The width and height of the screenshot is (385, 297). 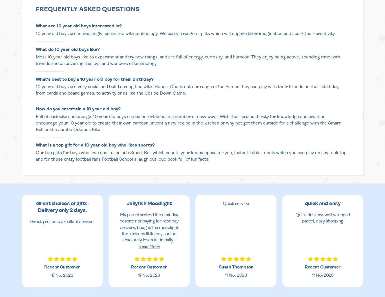 I want to click on 'Most 10 year old boys like to experiment and try new things, and are full of energy, curiosity, and humour. They enjoy being active, spending time with friends and discovering the joys and wonders of technology.', so click(x=188, y=60).